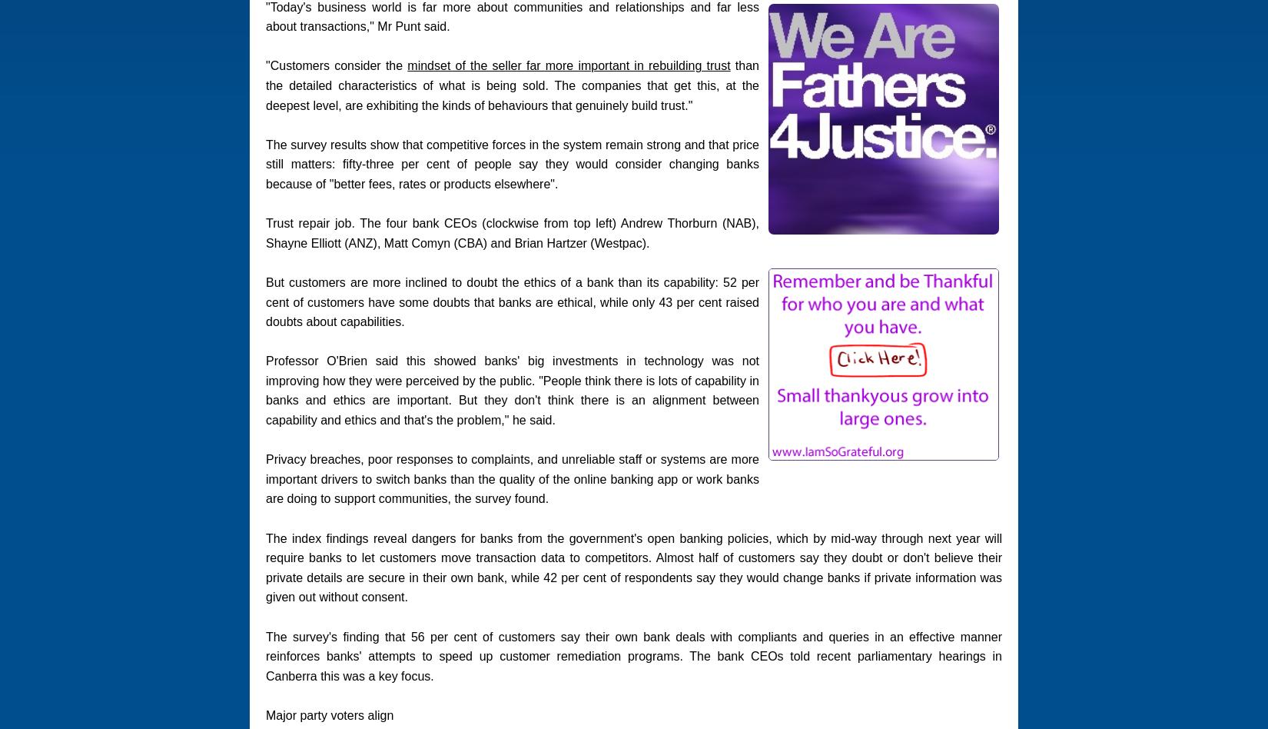 The height and width of the screenshot is (729, 1268). What do you see at coordinates (511, 301) in the screenshot?
I see `'But customers are more inclined to doubt the ethics of a bank than its capability: 52 per cent of customers have some doubts that banks are ethical, while only 43 per cent raised doubts about capabilities.'` at bounding box center [511, 301].